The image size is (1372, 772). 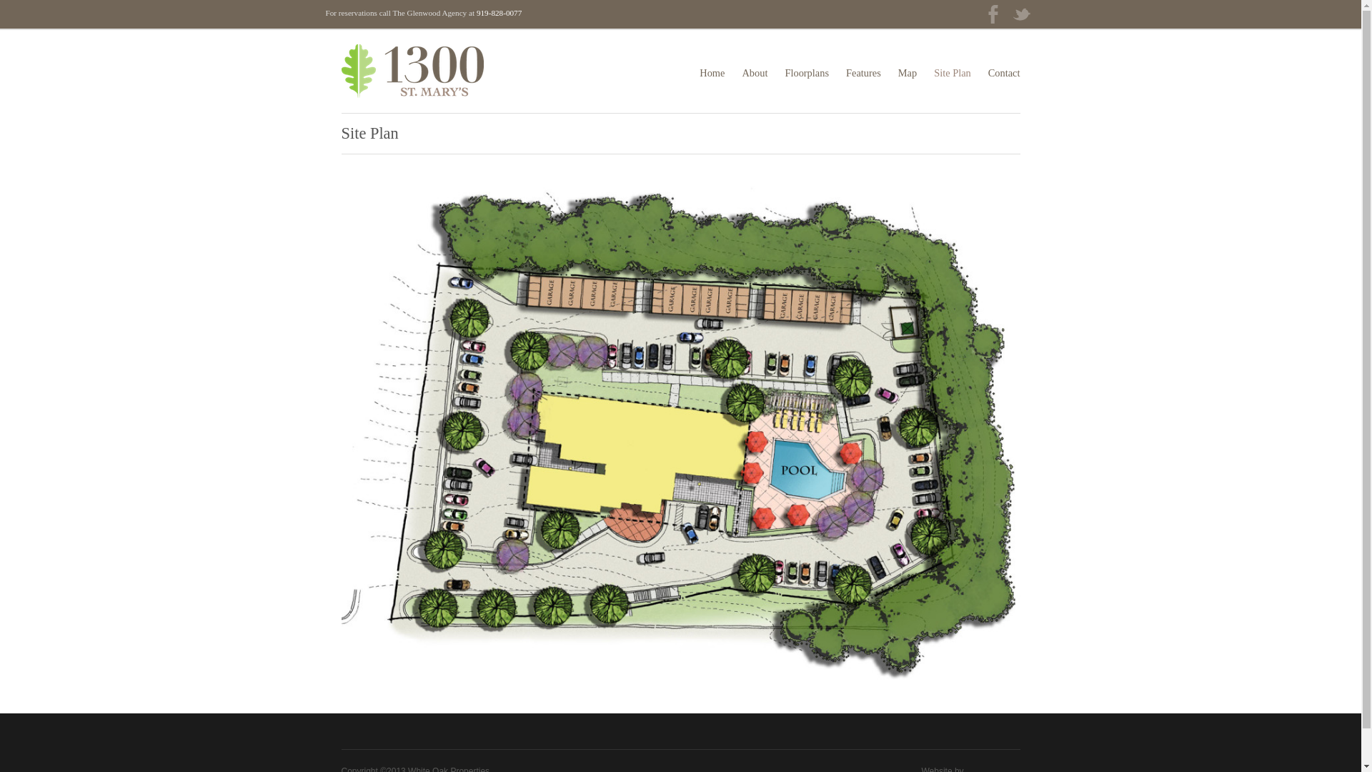 I want to click on 'Home', so click(x=712, y=73).